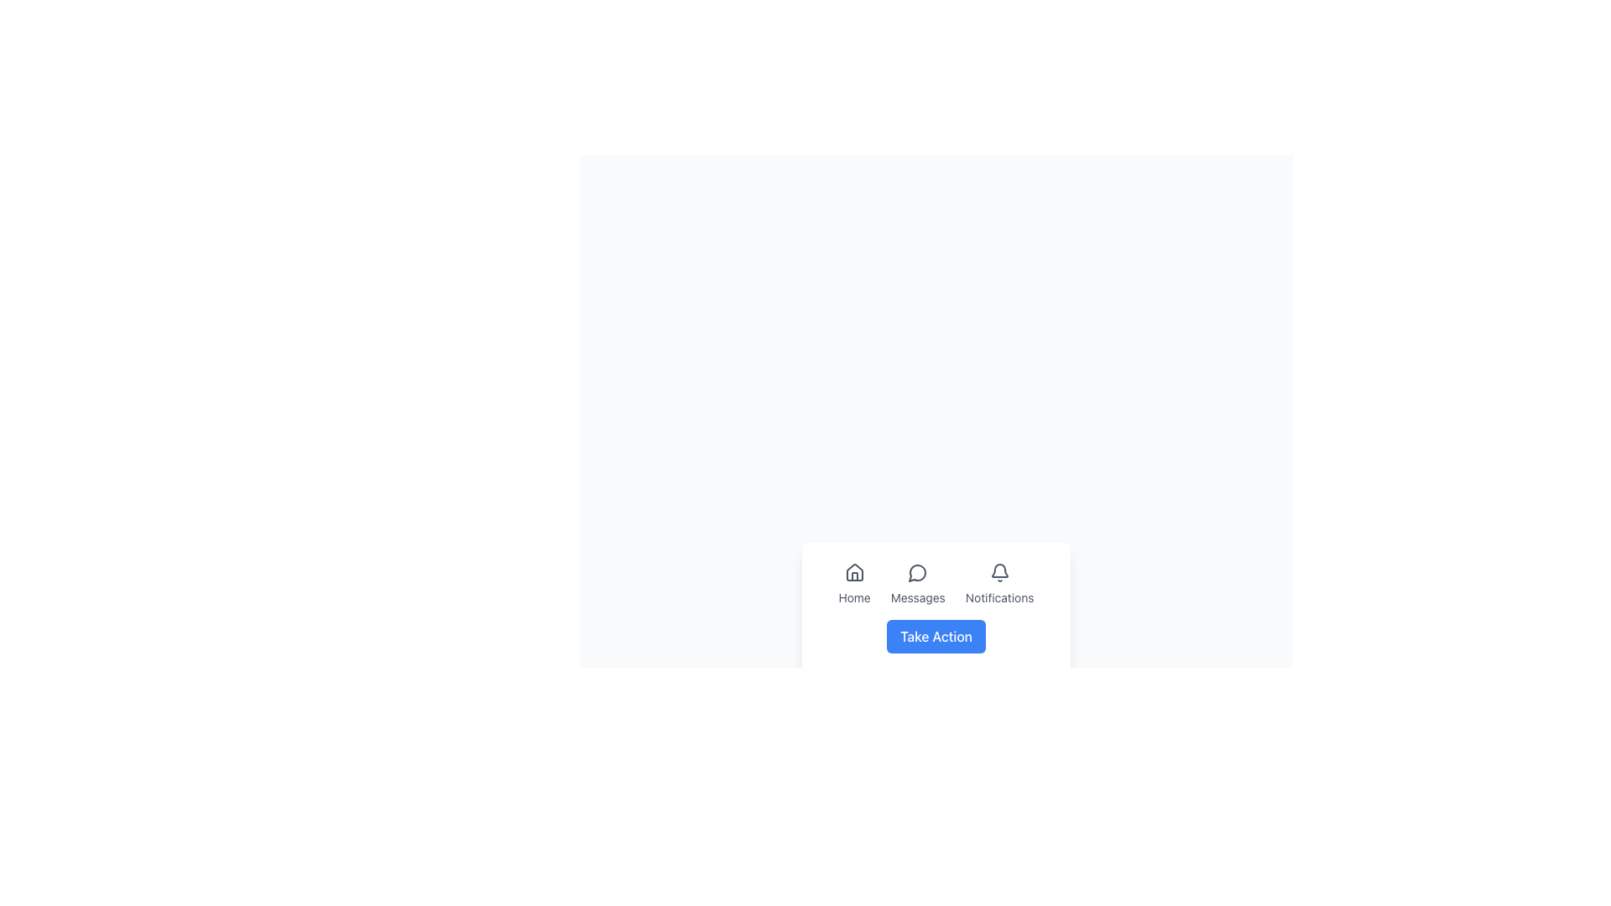 This screenshot has width=1611, height=906. What do you see at coordinates (936, 608) in the screenshot?
I see `the icons in the navigation card containing links to Home, Messages, and Notifications` at bounding box center [936, 608].